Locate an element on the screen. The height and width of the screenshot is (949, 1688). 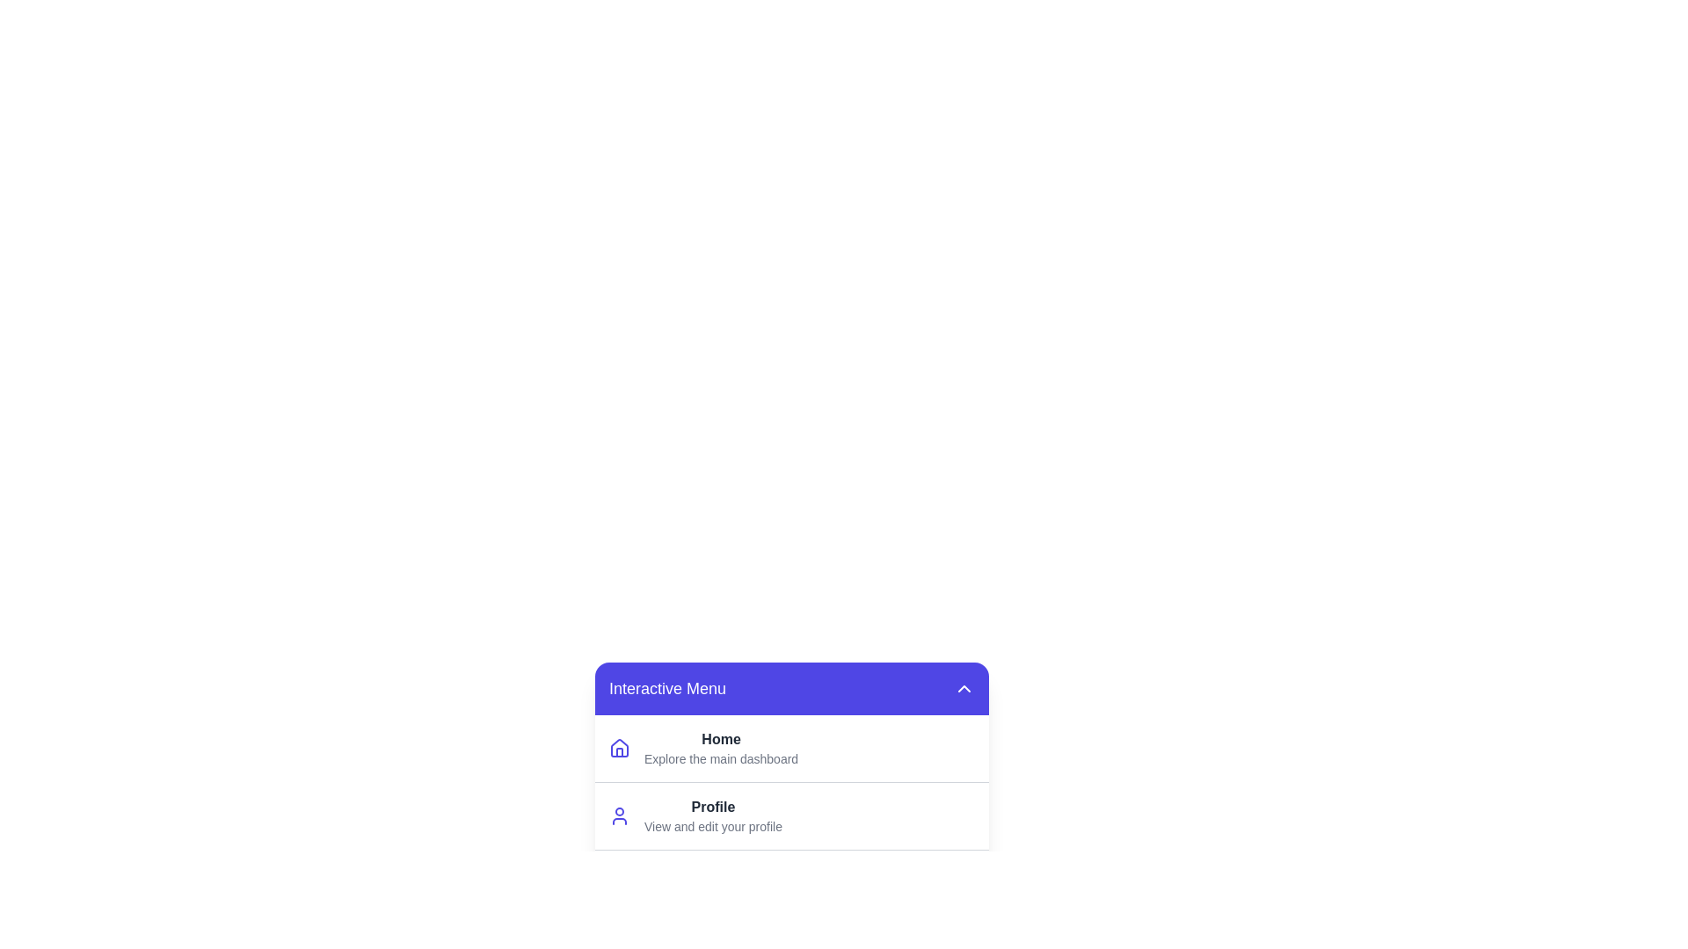
the menu item Profile to view its details is located at coordinates (713, 807).